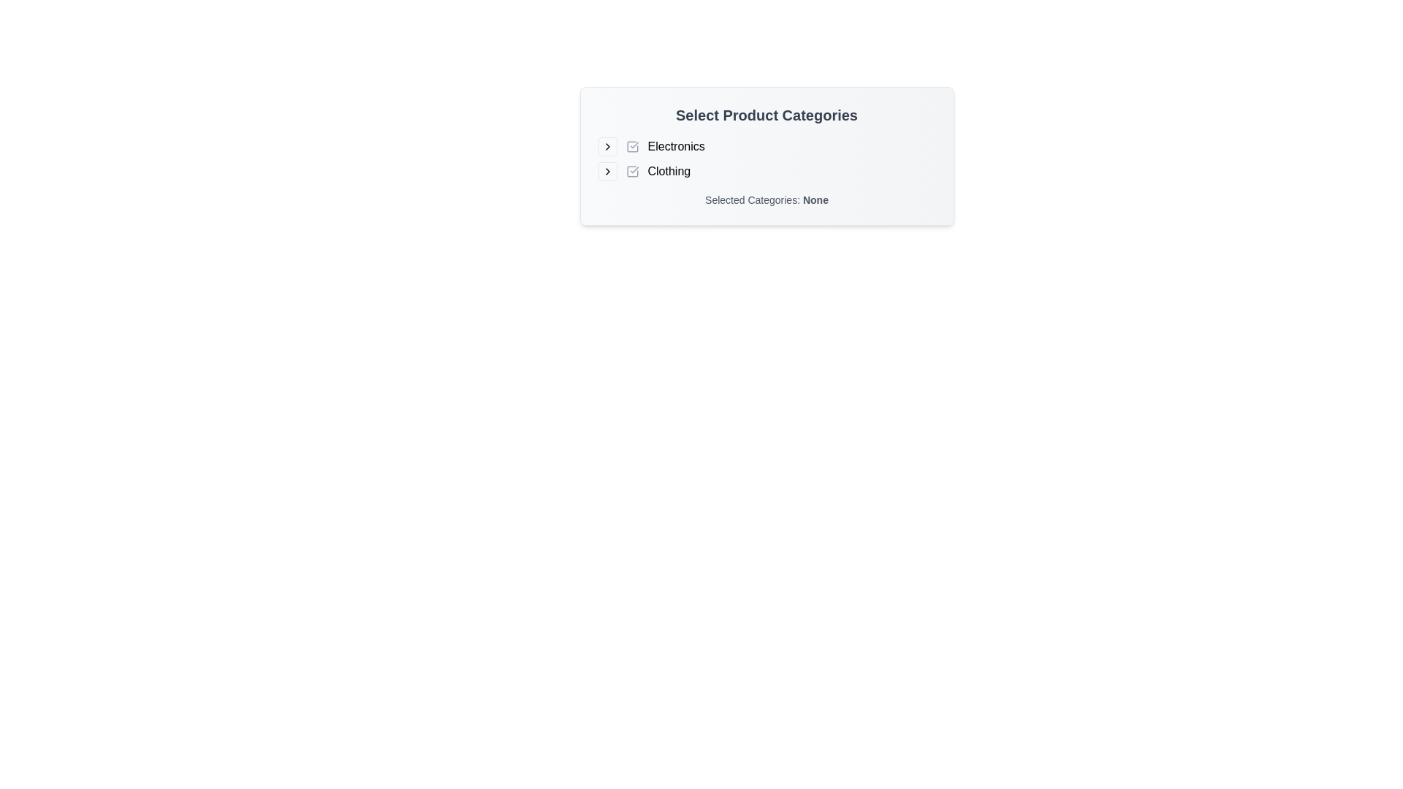  Describe the element at coordinates (607, 146) in the screenshot. I see `the chevron icon next to the 'Electronics' text in the 'Select Product Categories' interface for interaction feedback` at that location.